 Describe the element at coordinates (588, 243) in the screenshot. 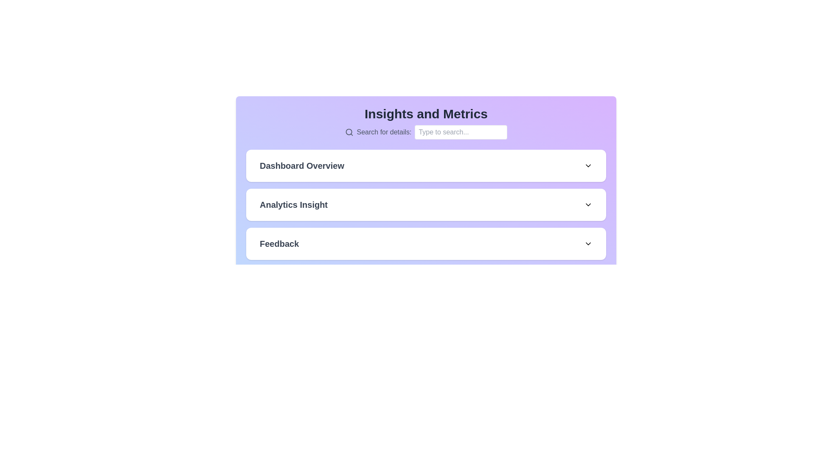

I see `the Chevron-down icon located on the right side of the 'Feedback' section` at that location.